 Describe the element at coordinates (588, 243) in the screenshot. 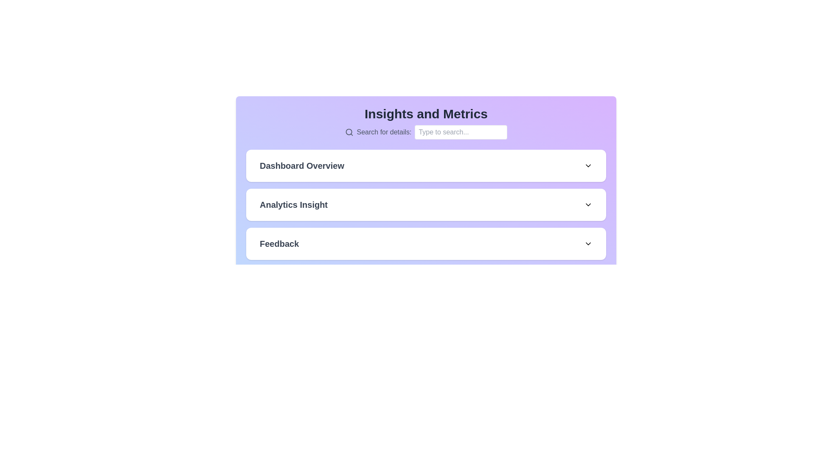

I see `the Chevron-down icon located on the right side of the 'Feedback' section` at that location.